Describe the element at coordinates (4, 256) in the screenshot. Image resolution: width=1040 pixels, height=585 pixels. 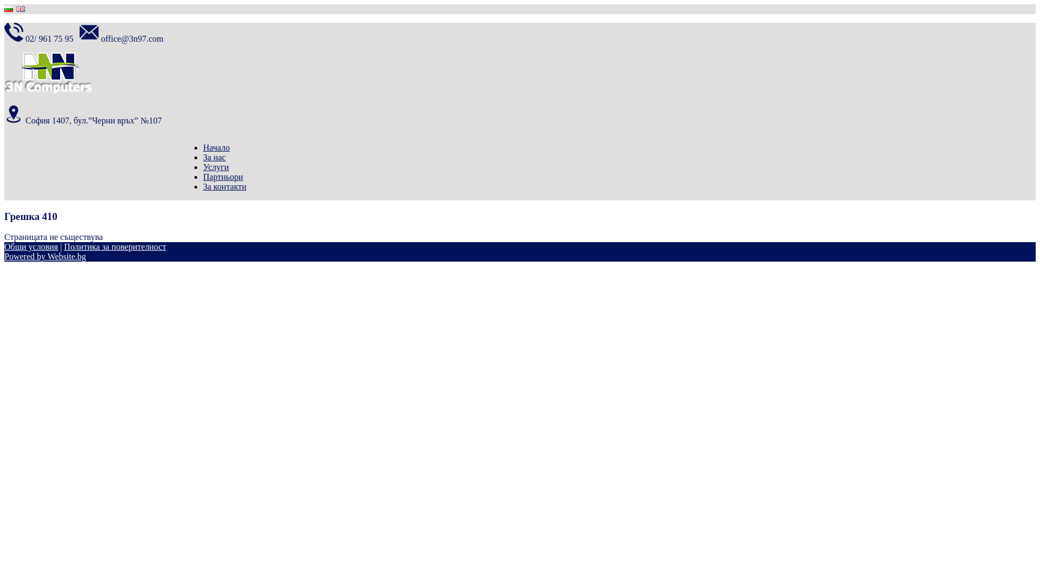
I see `'Powered by Website.bg'` at that location.